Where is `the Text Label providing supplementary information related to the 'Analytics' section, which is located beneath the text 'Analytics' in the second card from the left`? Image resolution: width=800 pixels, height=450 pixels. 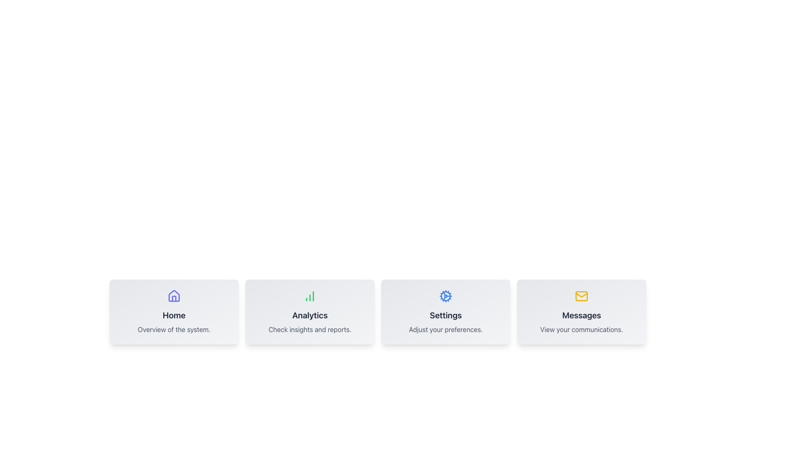
the Text Label providing supplementary information related to the 'Analytics' section, which is located beneath the text 'Analytics' in the second card from the left is located at coordinates (310, 329).